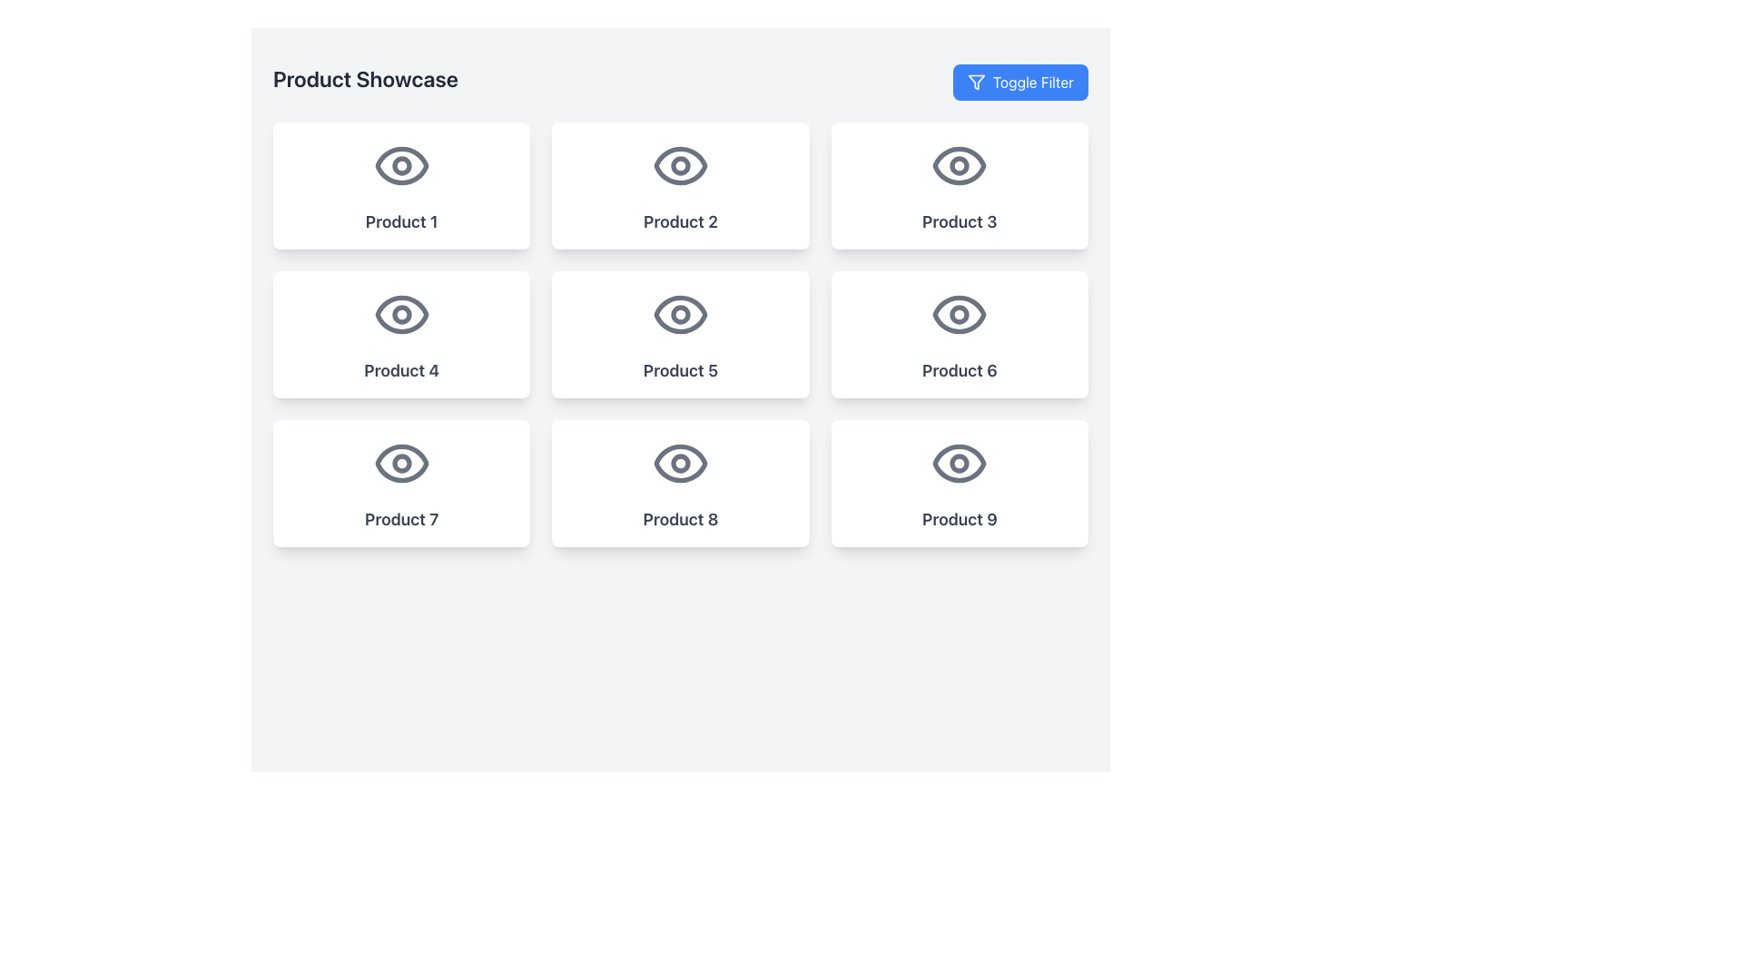  Describe the element at coordinates (679, 165) in the screenshot. I see `the eye icon located at the center top of the card labeled 'Product 2'` at that location.